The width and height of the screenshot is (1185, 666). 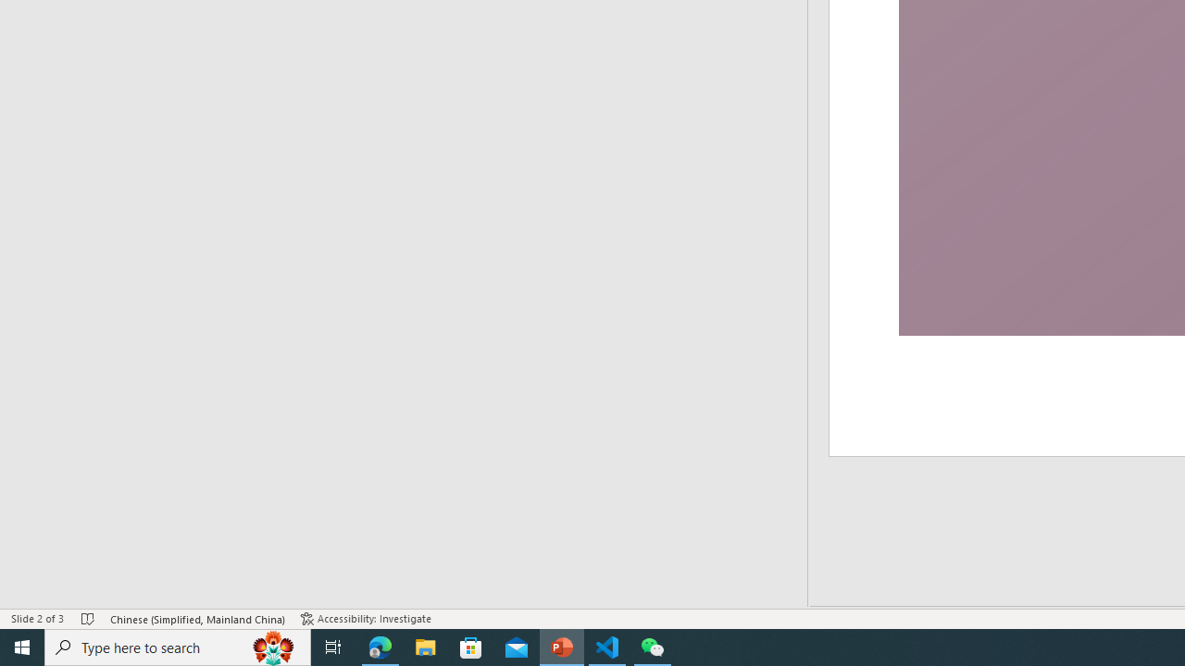 What do you see at coordinates (88, 619) in the screenshot?
I see `'Spell Check No Errors'` at bounding box center [88, 619].